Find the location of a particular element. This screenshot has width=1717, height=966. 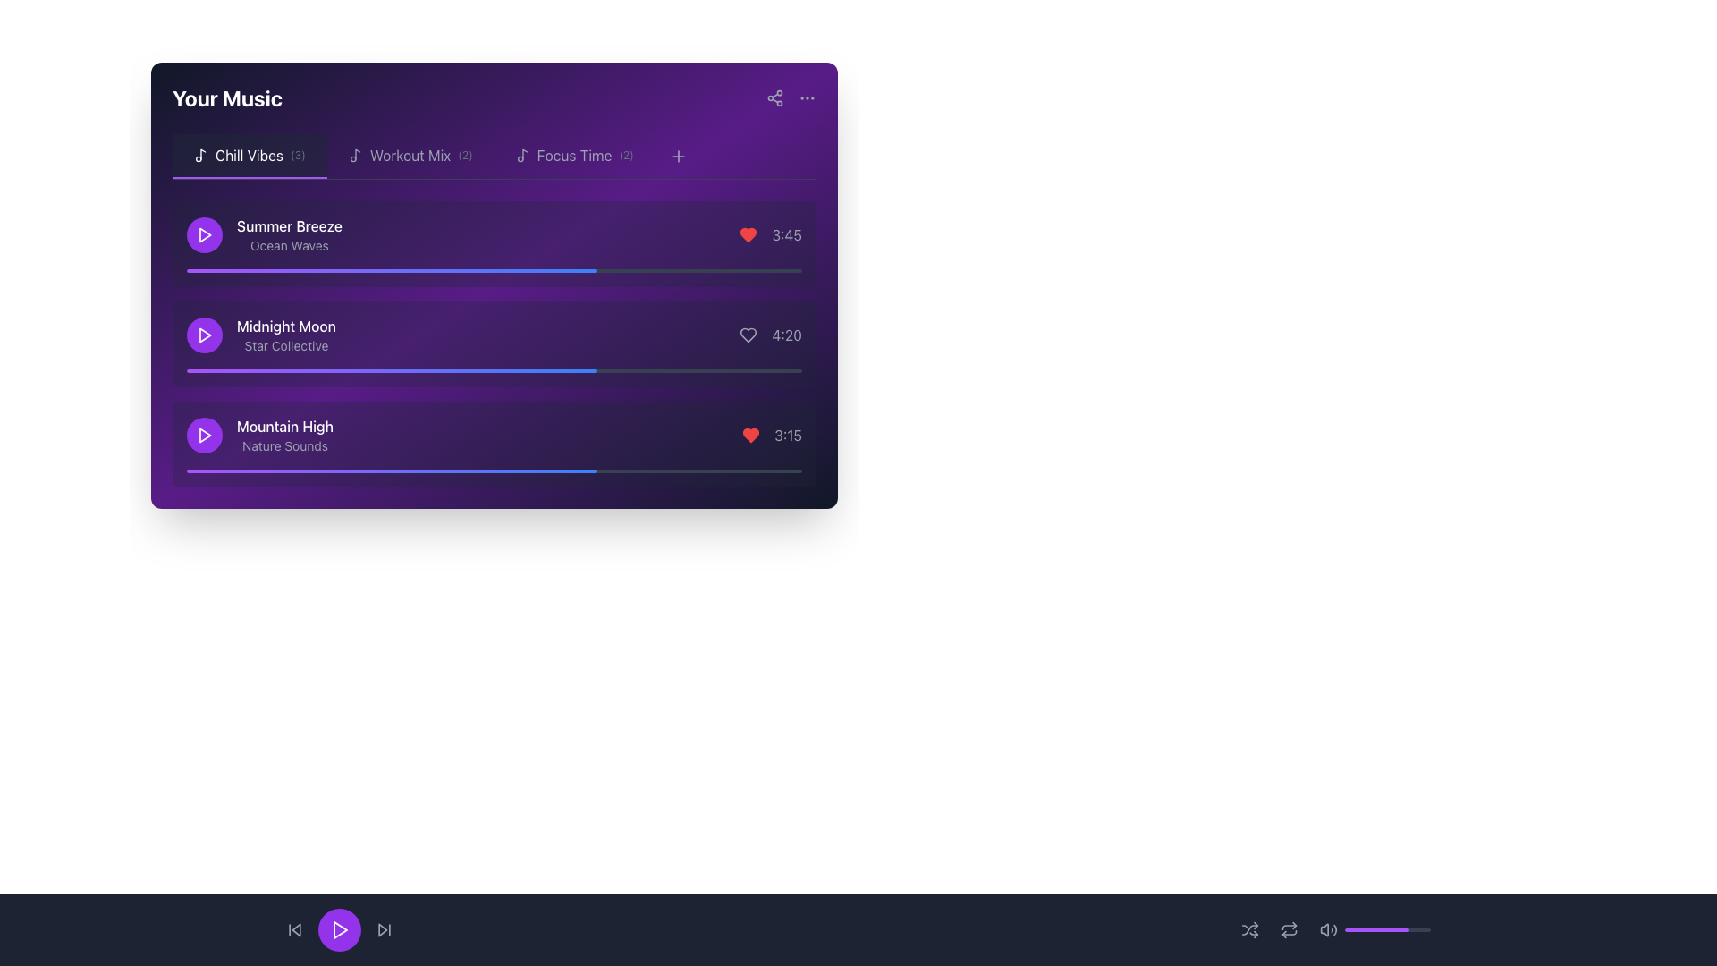

text displayed in the text block titled 'Midnight Moon' and 'Star Collective', which is the second item in the music list 'Chill Vibes', located to the right of the play button is located at coordinates (286, 335).